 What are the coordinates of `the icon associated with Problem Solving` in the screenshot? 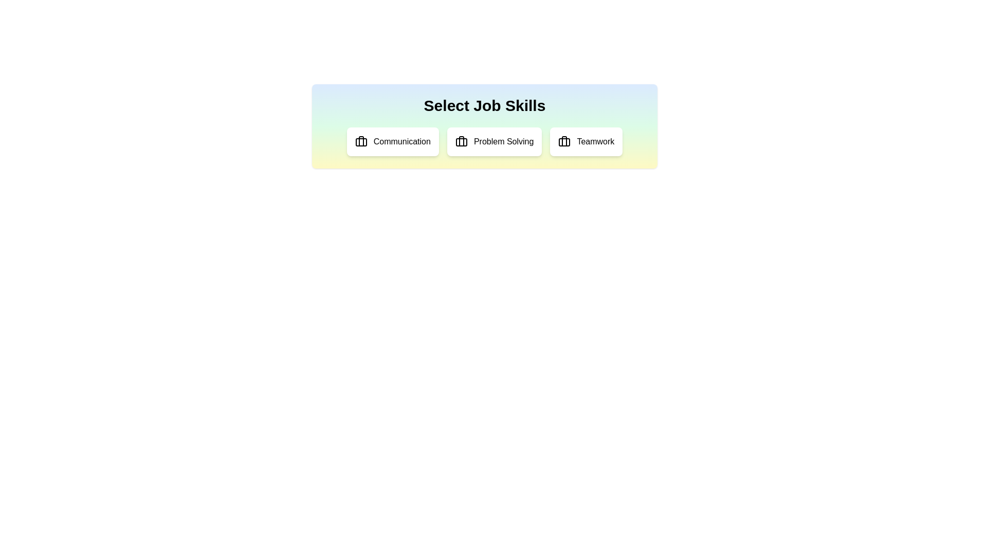 It's located at (461, 142).